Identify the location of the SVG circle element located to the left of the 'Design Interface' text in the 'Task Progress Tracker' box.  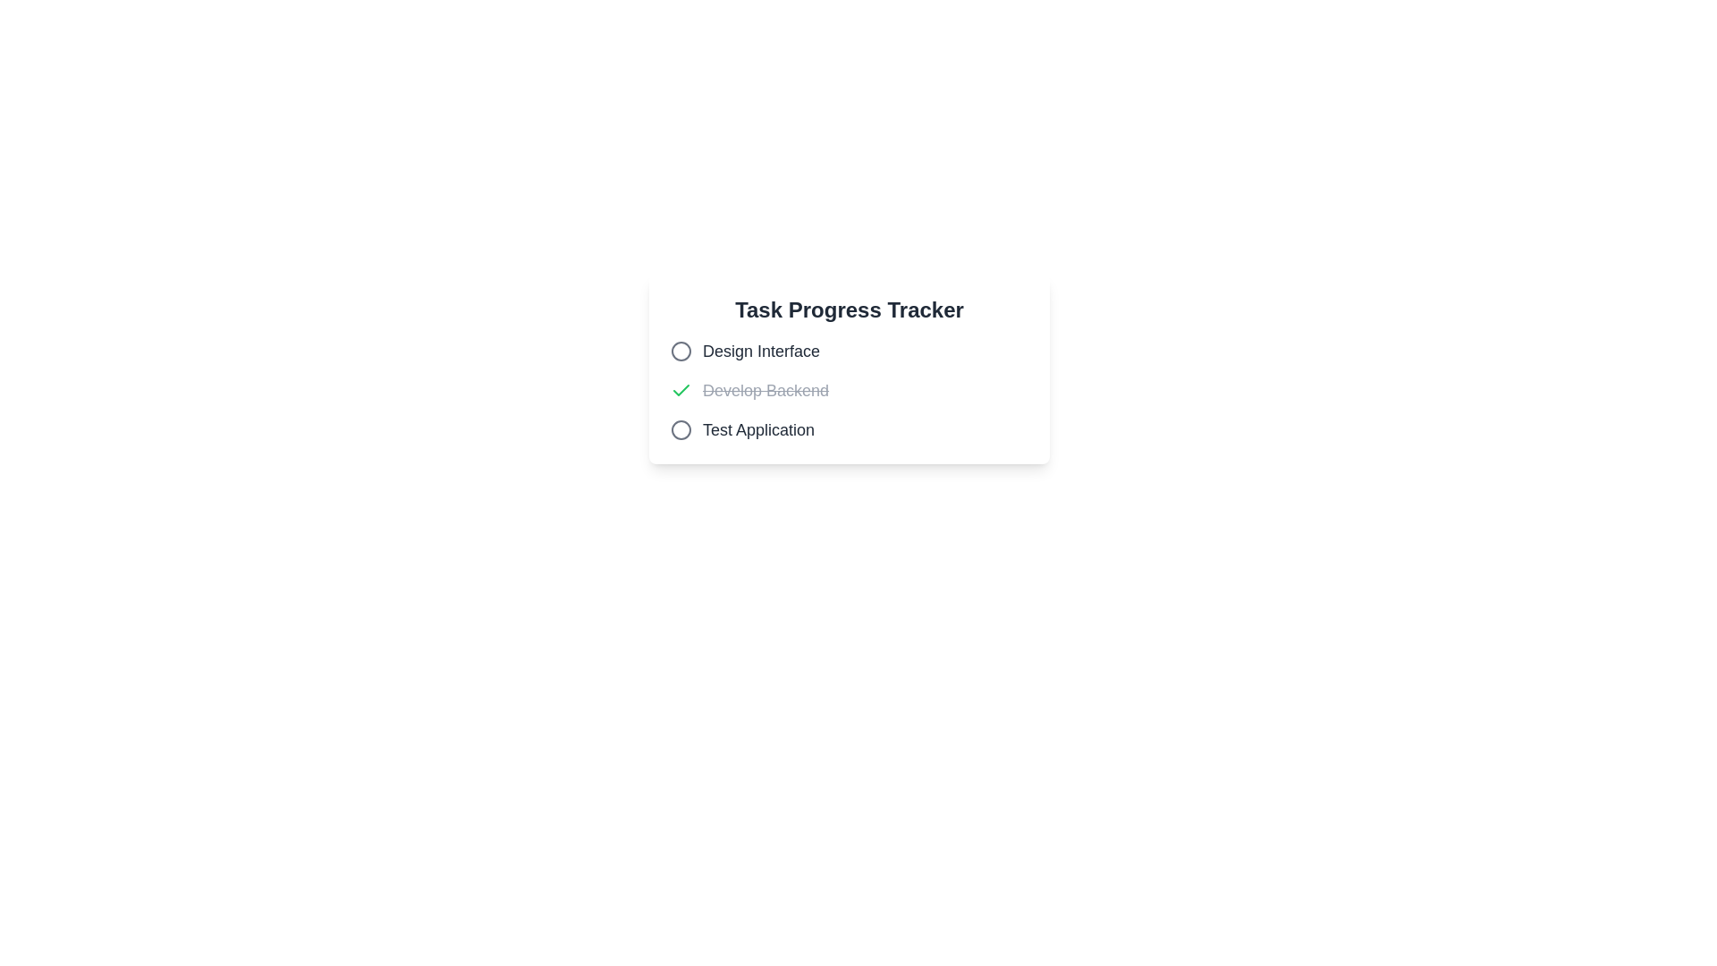
(681, 352).